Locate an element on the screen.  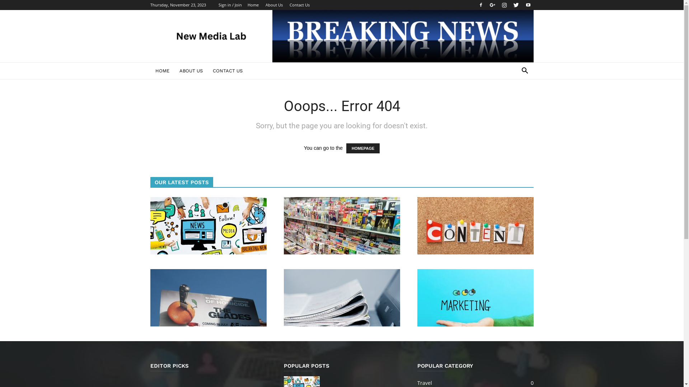
'About Us' is located at coordinates (273, 5).